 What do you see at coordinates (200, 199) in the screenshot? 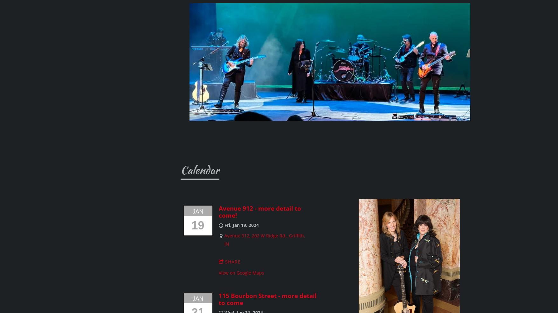
I see `'National Corvette Convention, Tinley Park, IL'` at bounding box center [200, 199].